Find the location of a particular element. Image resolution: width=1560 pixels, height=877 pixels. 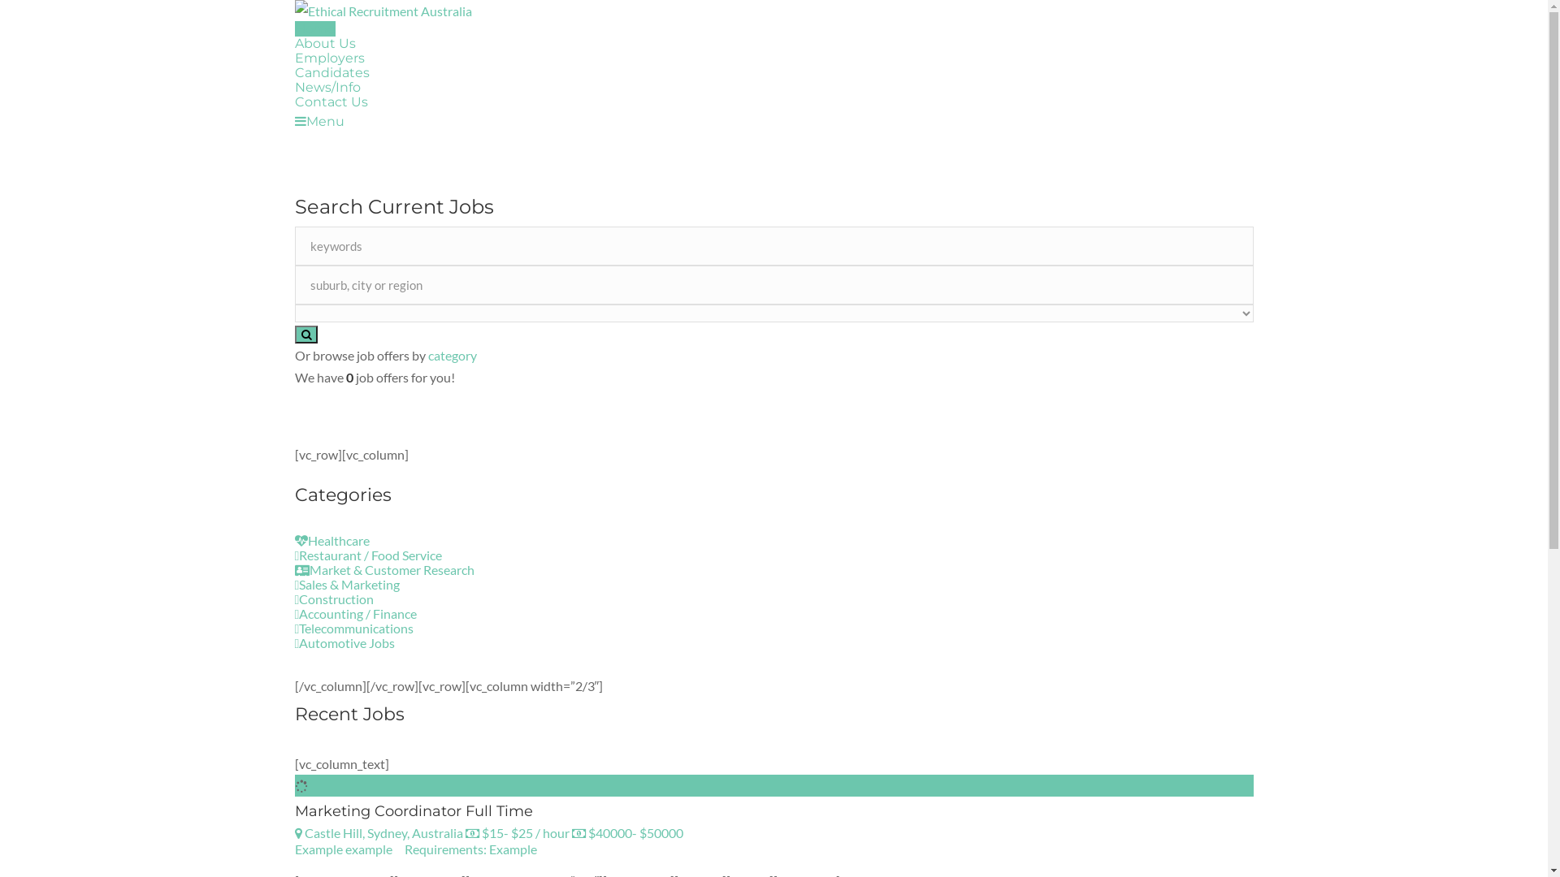

'Employers' is located at coordinates (293, 57).